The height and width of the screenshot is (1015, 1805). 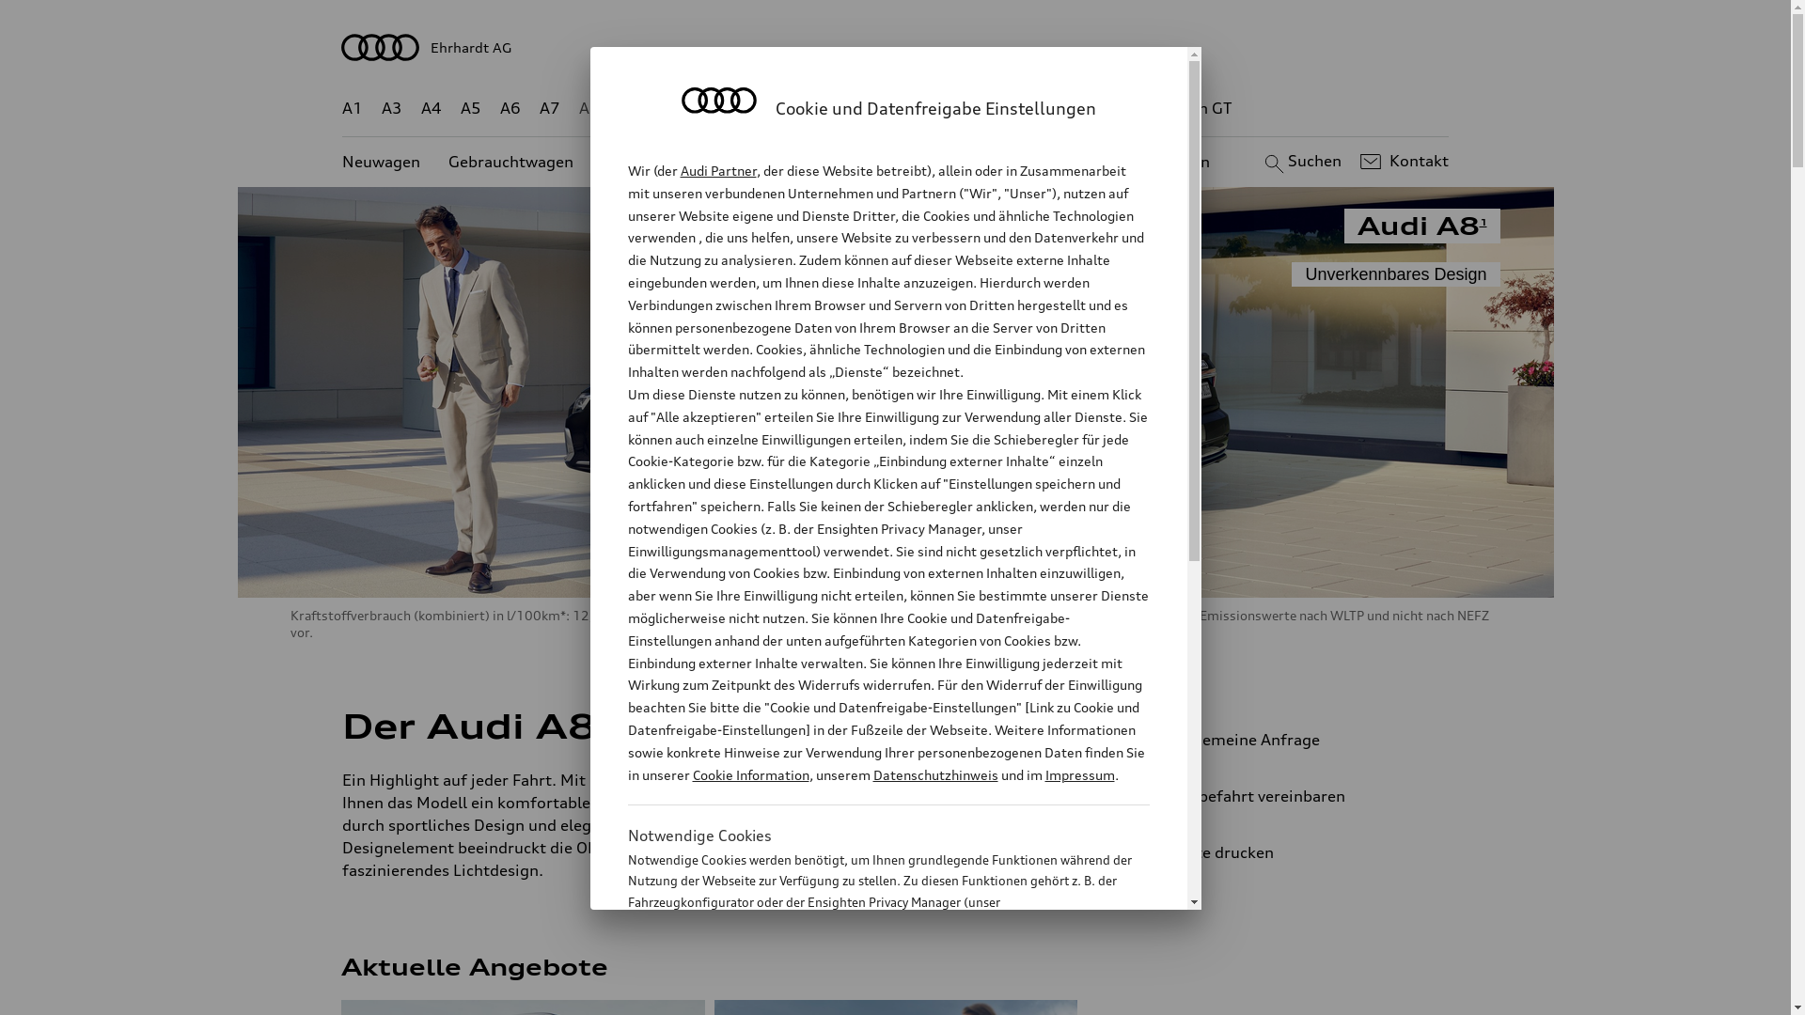 What do you see at coordinates (867, 994) in the screenshot?
I see `'Cookie Information'` at bounding box center [867, 994].